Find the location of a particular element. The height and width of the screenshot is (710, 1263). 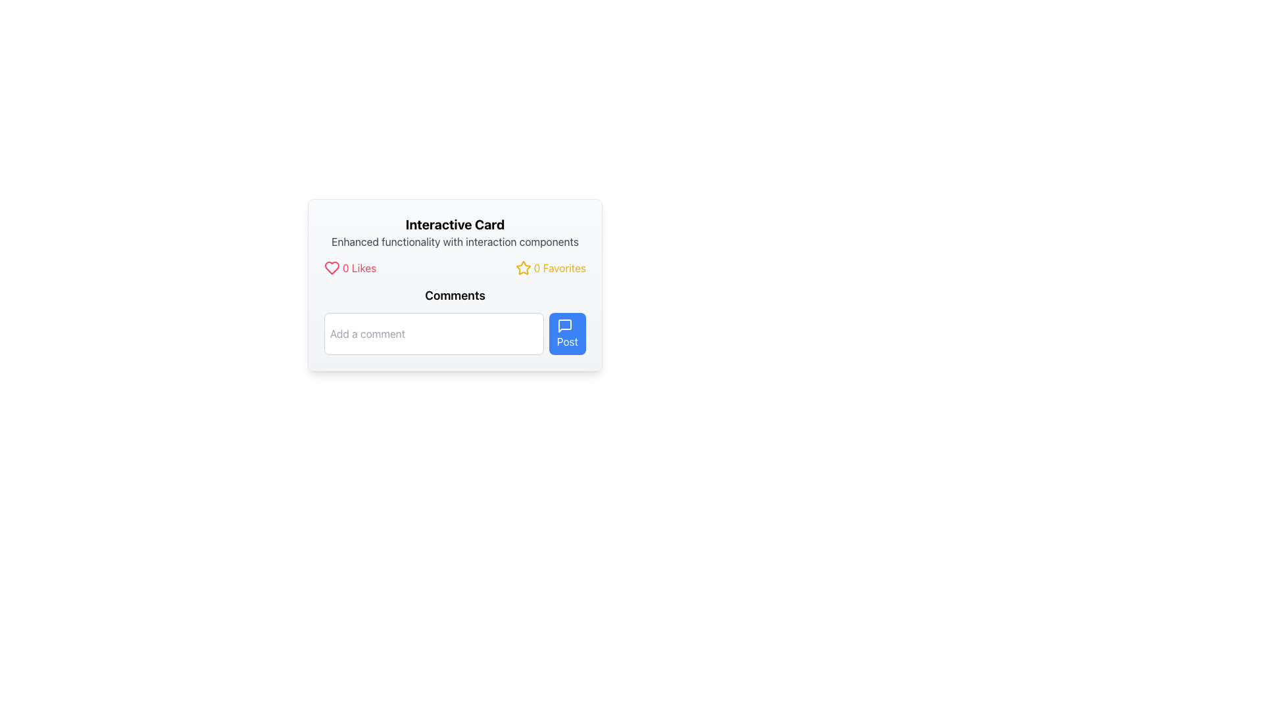

the comment icon embedded within the 'Post' button located at the bottom-right corner of the card layout is located at coordinates (564, 325).